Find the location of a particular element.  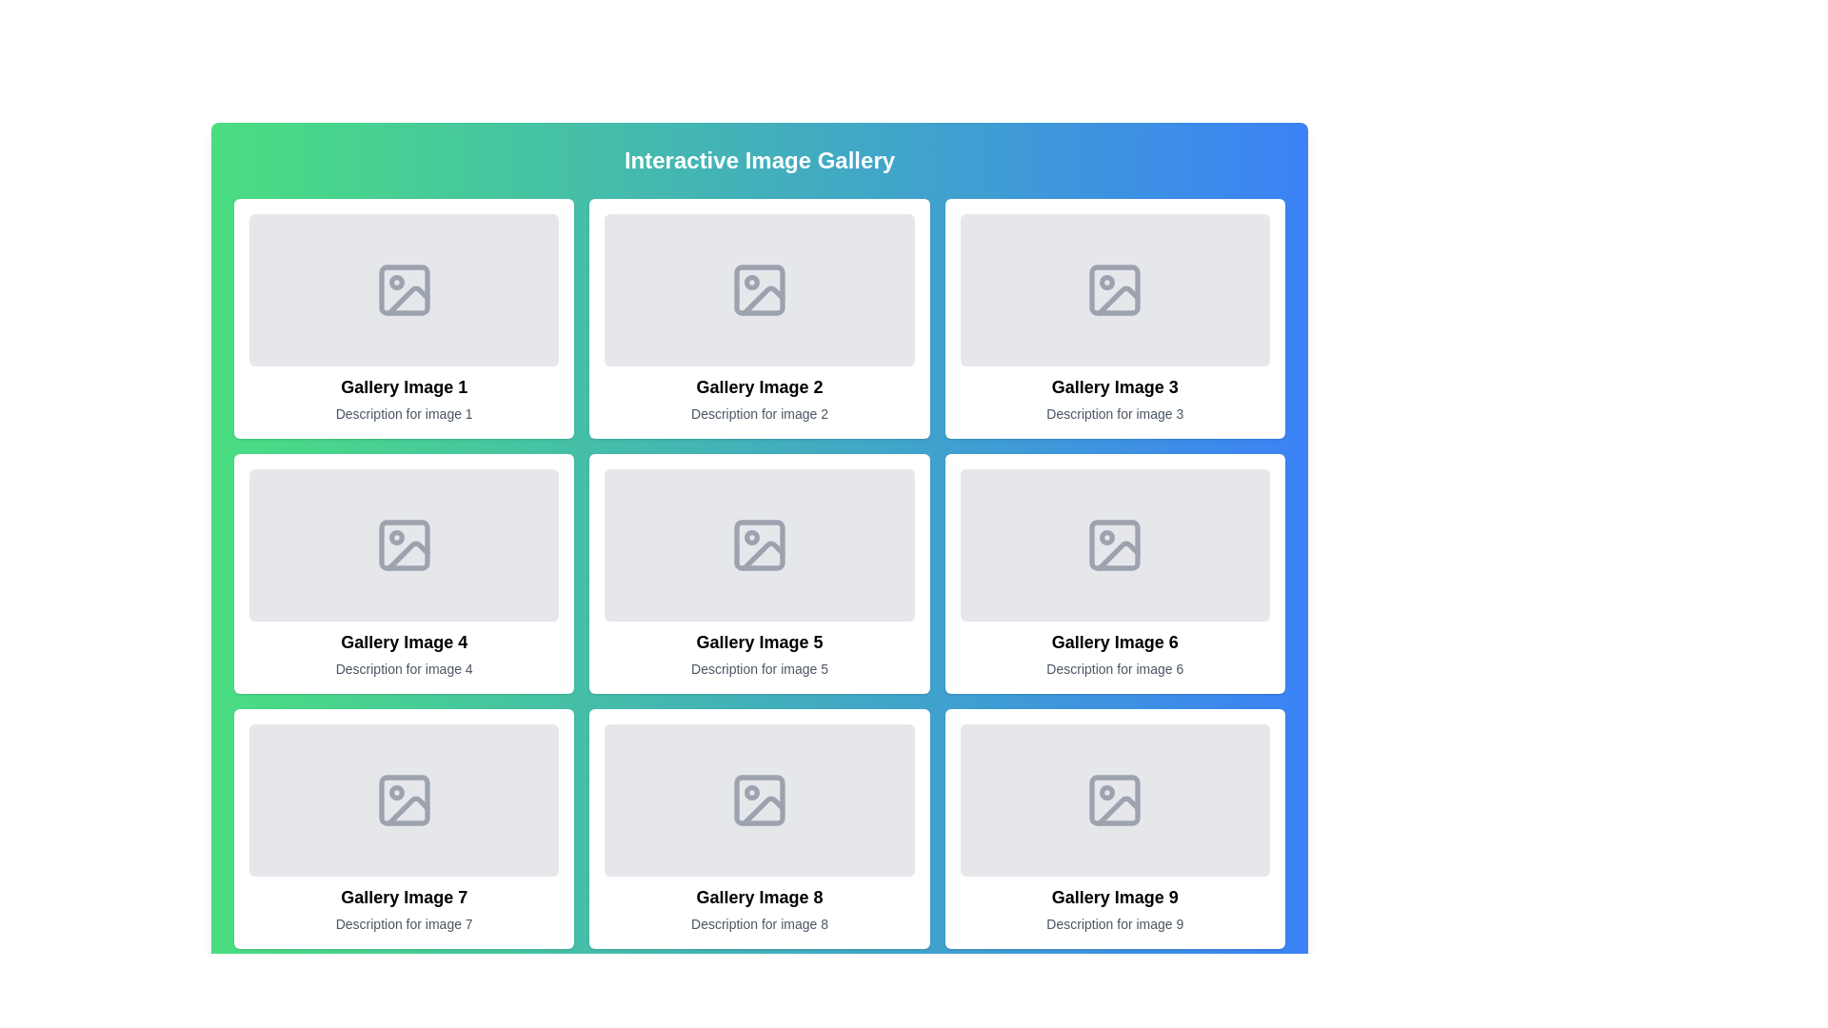

the gray background rectangle of the image icon is located at coordinates (403, 545).